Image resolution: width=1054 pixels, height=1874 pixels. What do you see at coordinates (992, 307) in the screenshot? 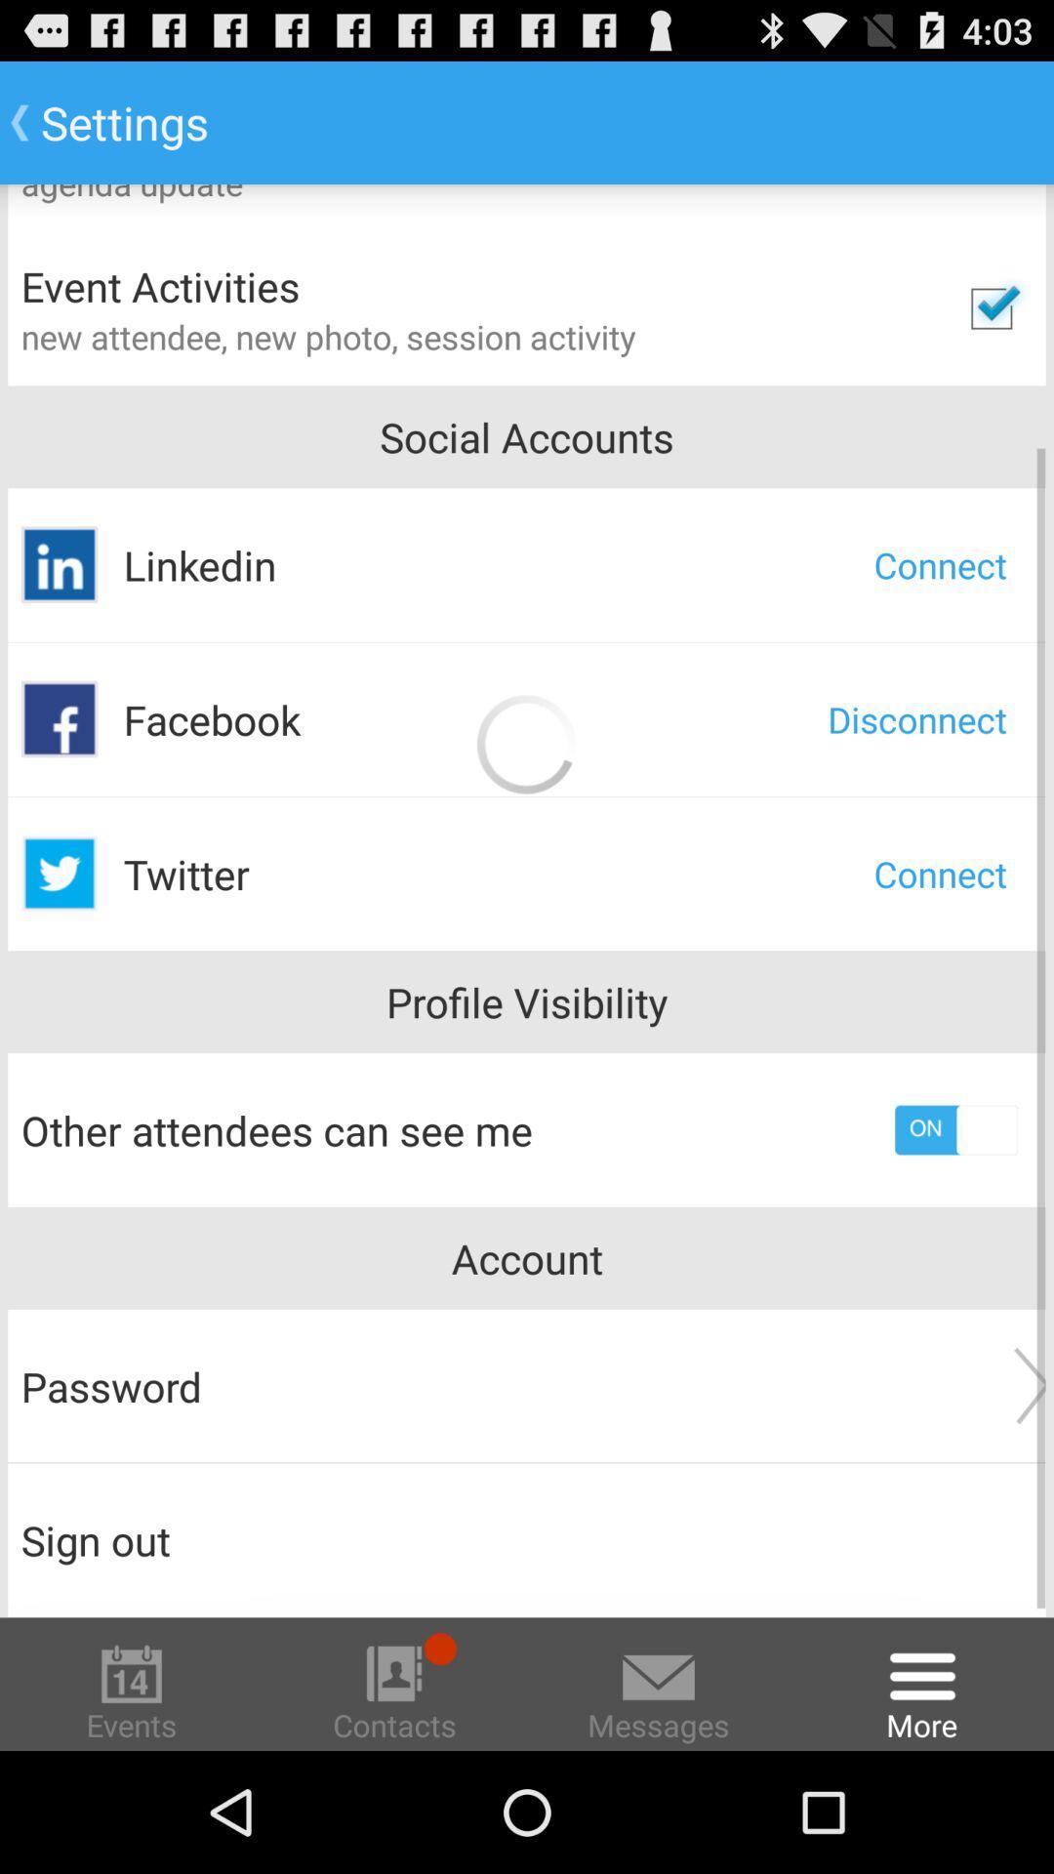
I see `enable event activities` at bounding box center [992, 307].